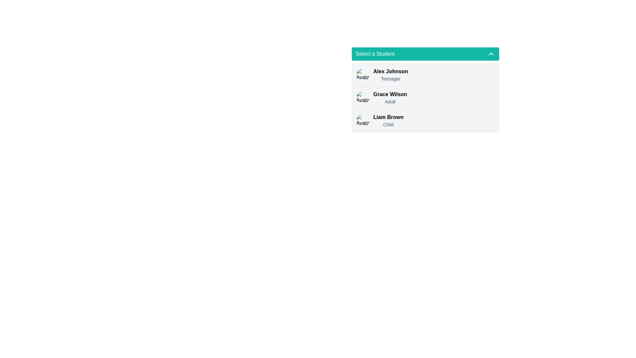 The height and width of the screenshot is (358, 636). I want to click on the text display element showing 'Grace Wilson' and 'Adult', so click(390, 97).